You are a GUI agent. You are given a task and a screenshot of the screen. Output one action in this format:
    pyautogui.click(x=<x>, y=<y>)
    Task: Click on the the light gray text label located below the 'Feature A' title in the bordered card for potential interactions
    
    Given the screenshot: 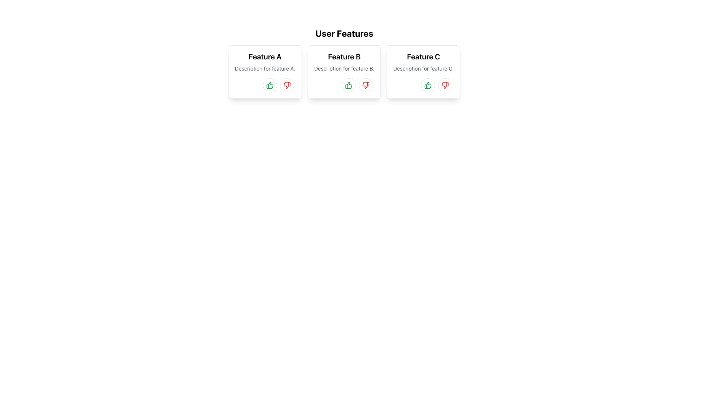 What is the action you would take?
    pyautogui.click(x=265, y=69)
    